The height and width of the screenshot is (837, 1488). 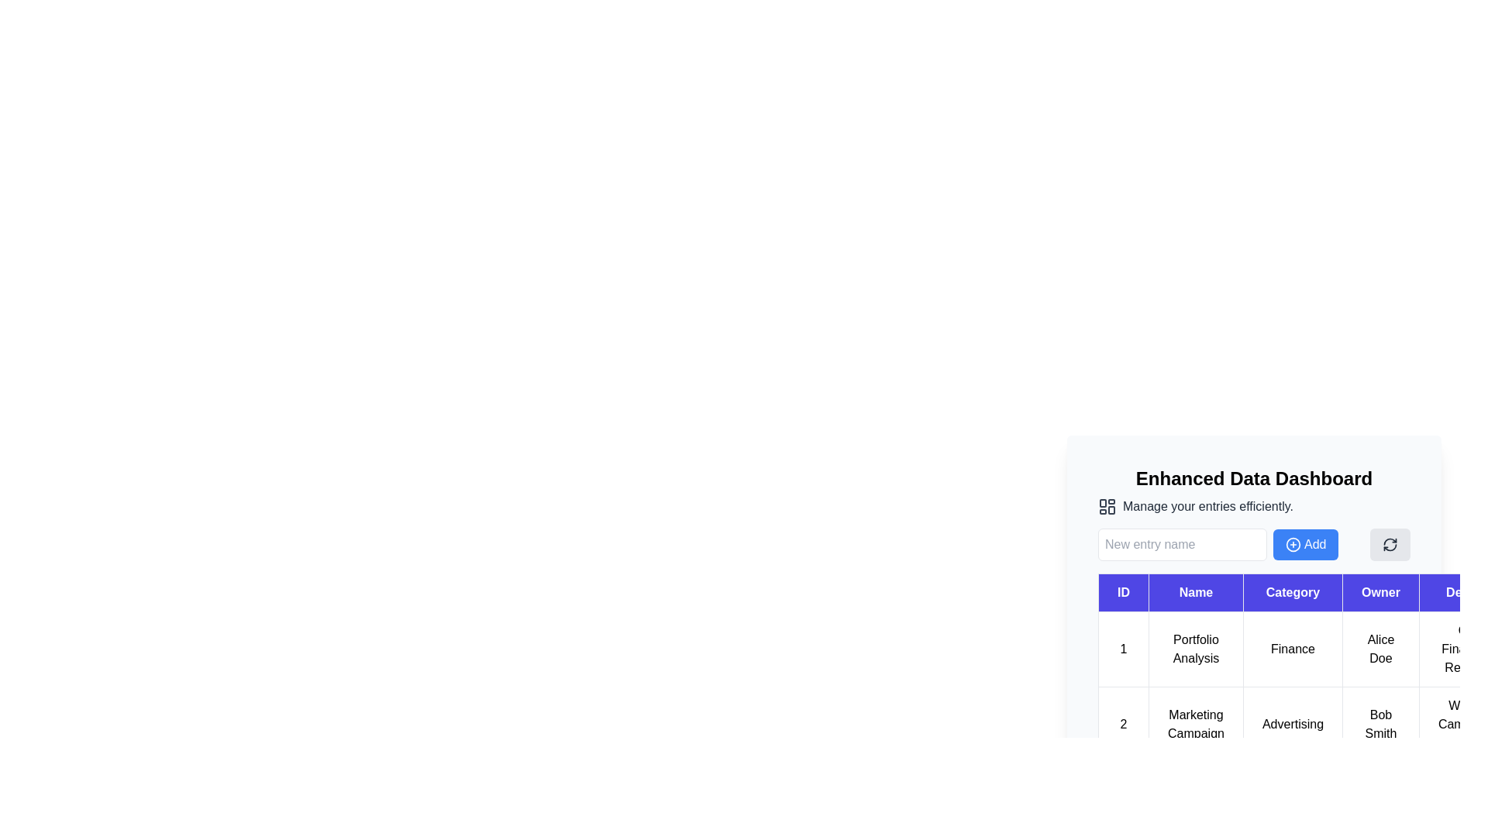 What do you see at coordinates (1111, 510) in the screenshot?
I see `the third decorative rectangular shape in a group of four rectangles, located near the top-left corner of the interface` at bounding box center [1111, 510].